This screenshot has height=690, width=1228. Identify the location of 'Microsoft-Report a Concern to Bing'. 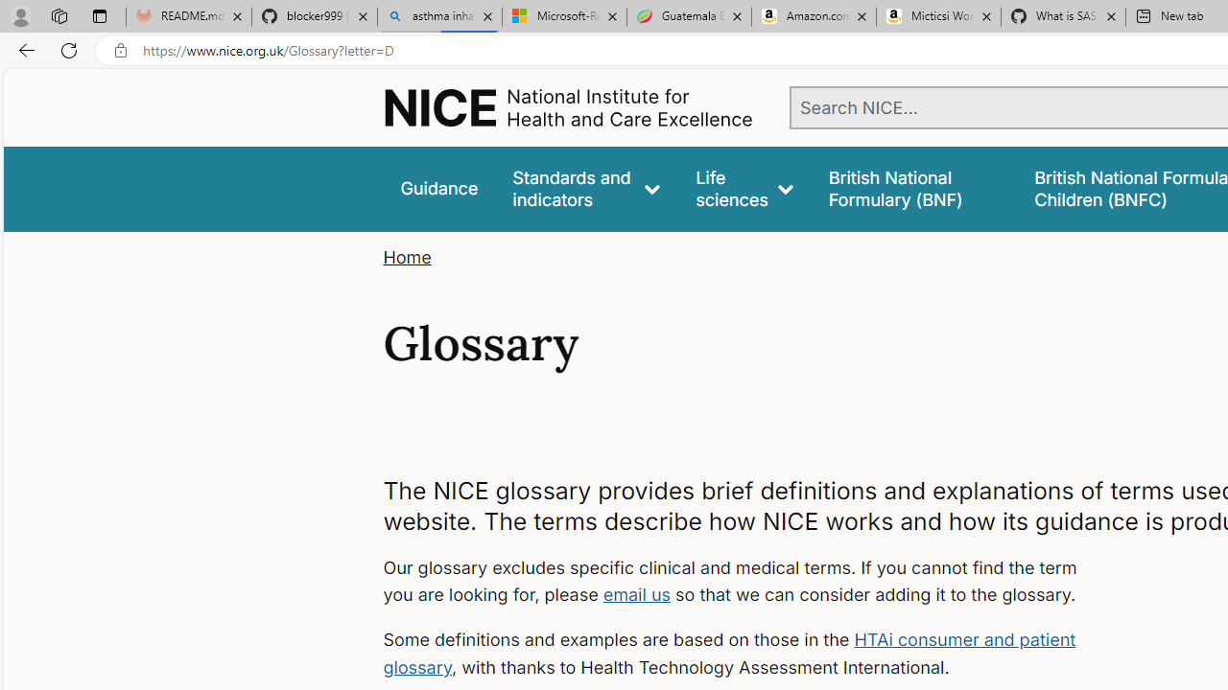
(563, 16).